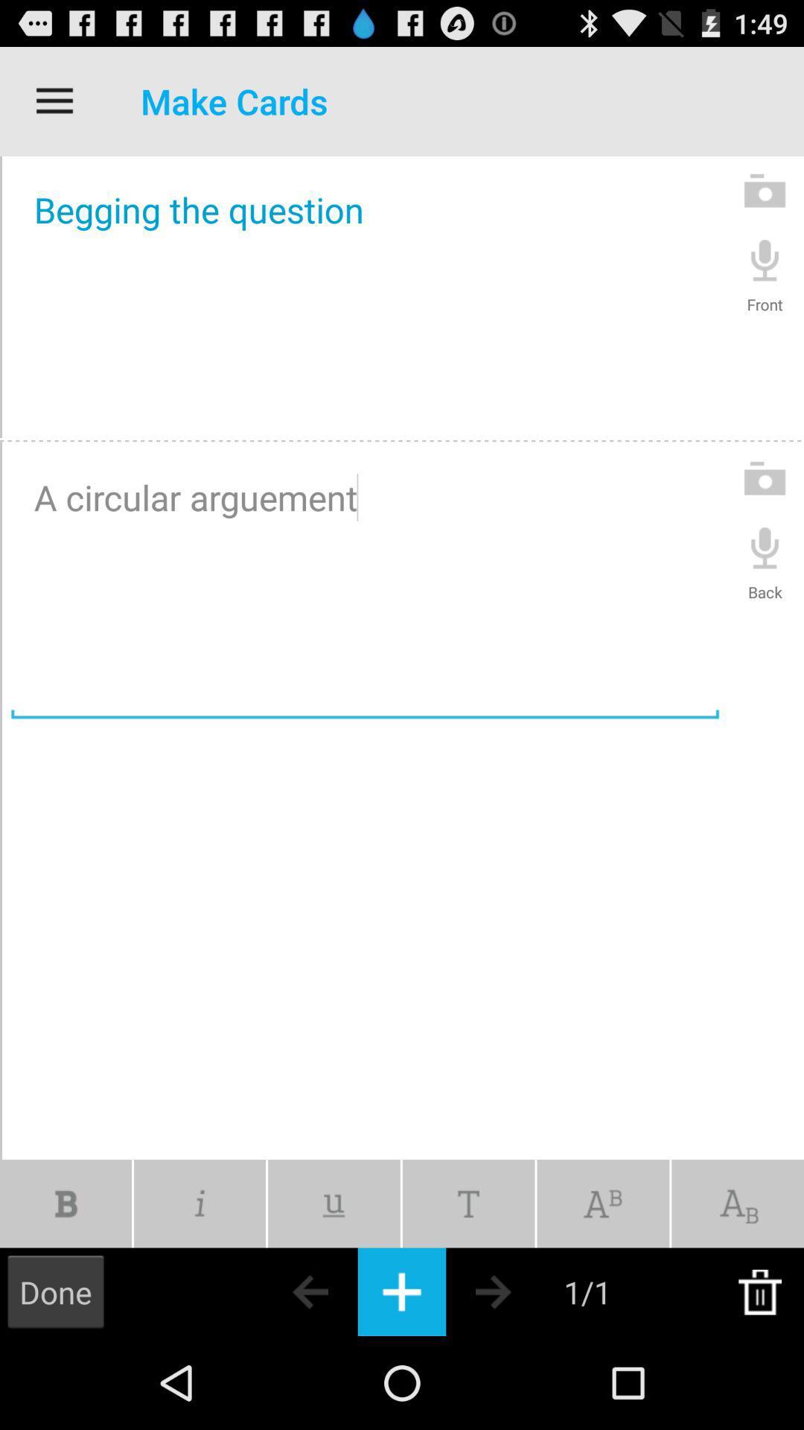 The width and height of the screenshot is (804, 1430). Describe the element at coordinates (365, 296) in the screenshot. I see `begging the question icon` at that location.